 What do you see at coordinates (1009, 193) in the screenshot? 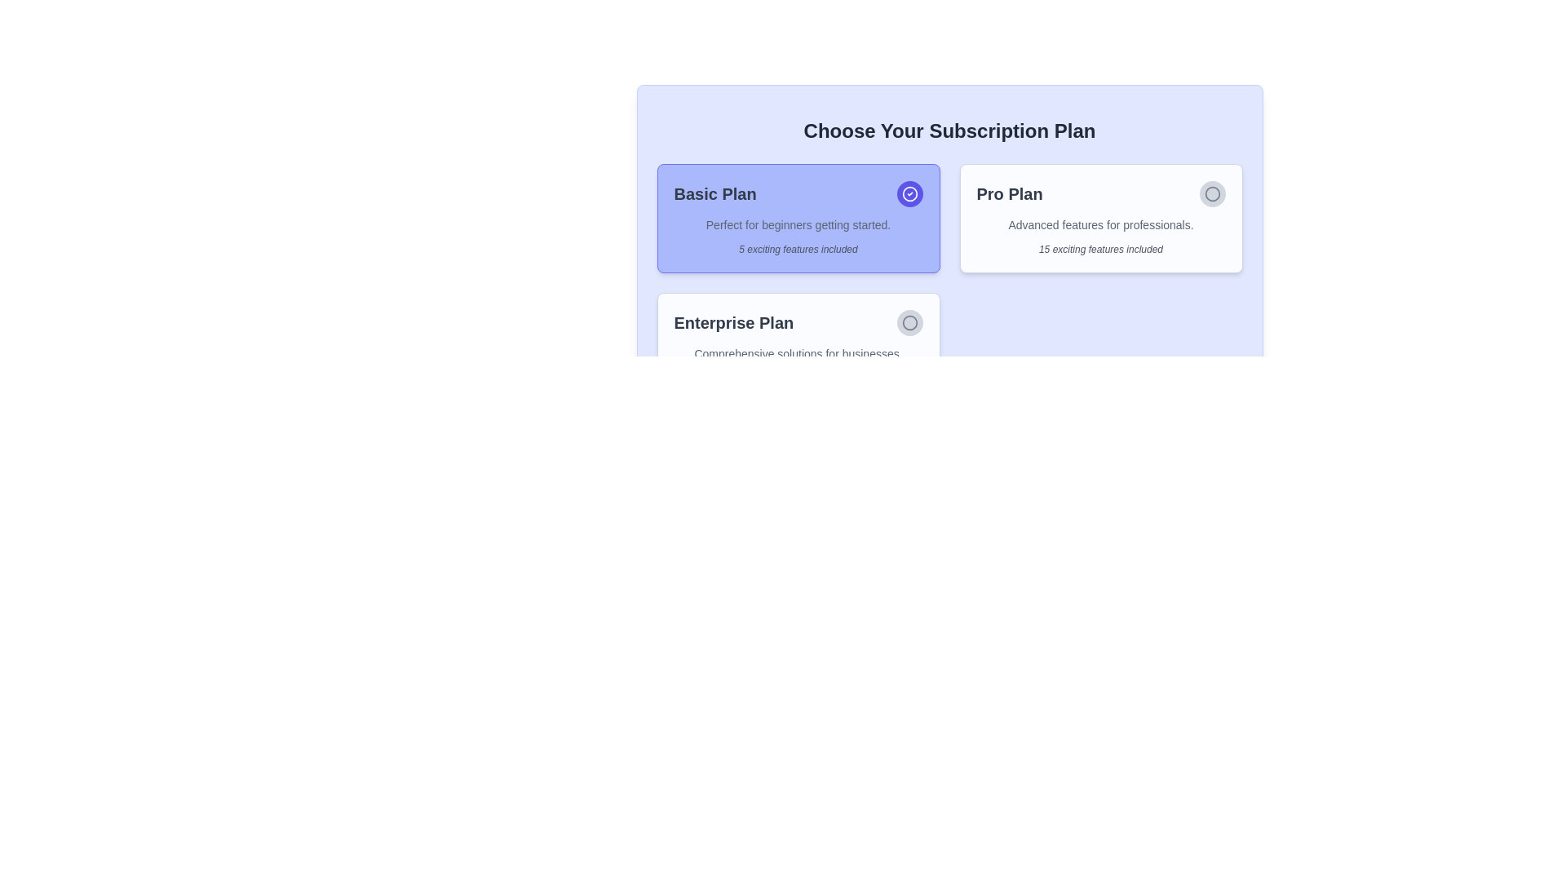
I see `text content of the 'Pro Plan' label, which is located in the upper-right card among three subscription options in a grid layout` at bounding box center [1009, 193].